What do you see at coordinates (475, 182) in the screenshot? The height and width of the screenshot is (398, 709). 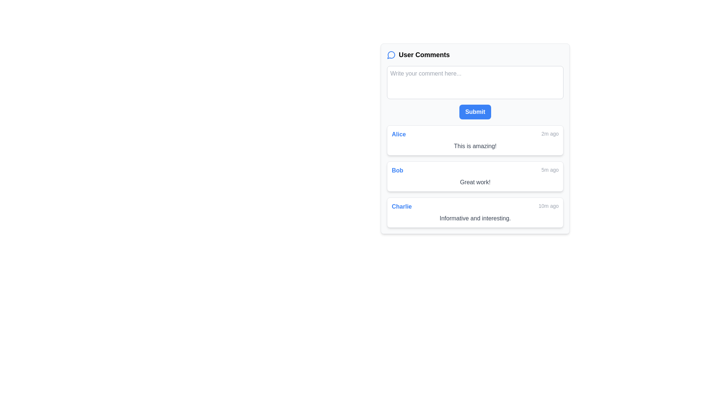 I see `user comment text label displayed below the user's name 'Bob' and the timestamp '5m ago' in the comment section` at bounding box center [475, 182].